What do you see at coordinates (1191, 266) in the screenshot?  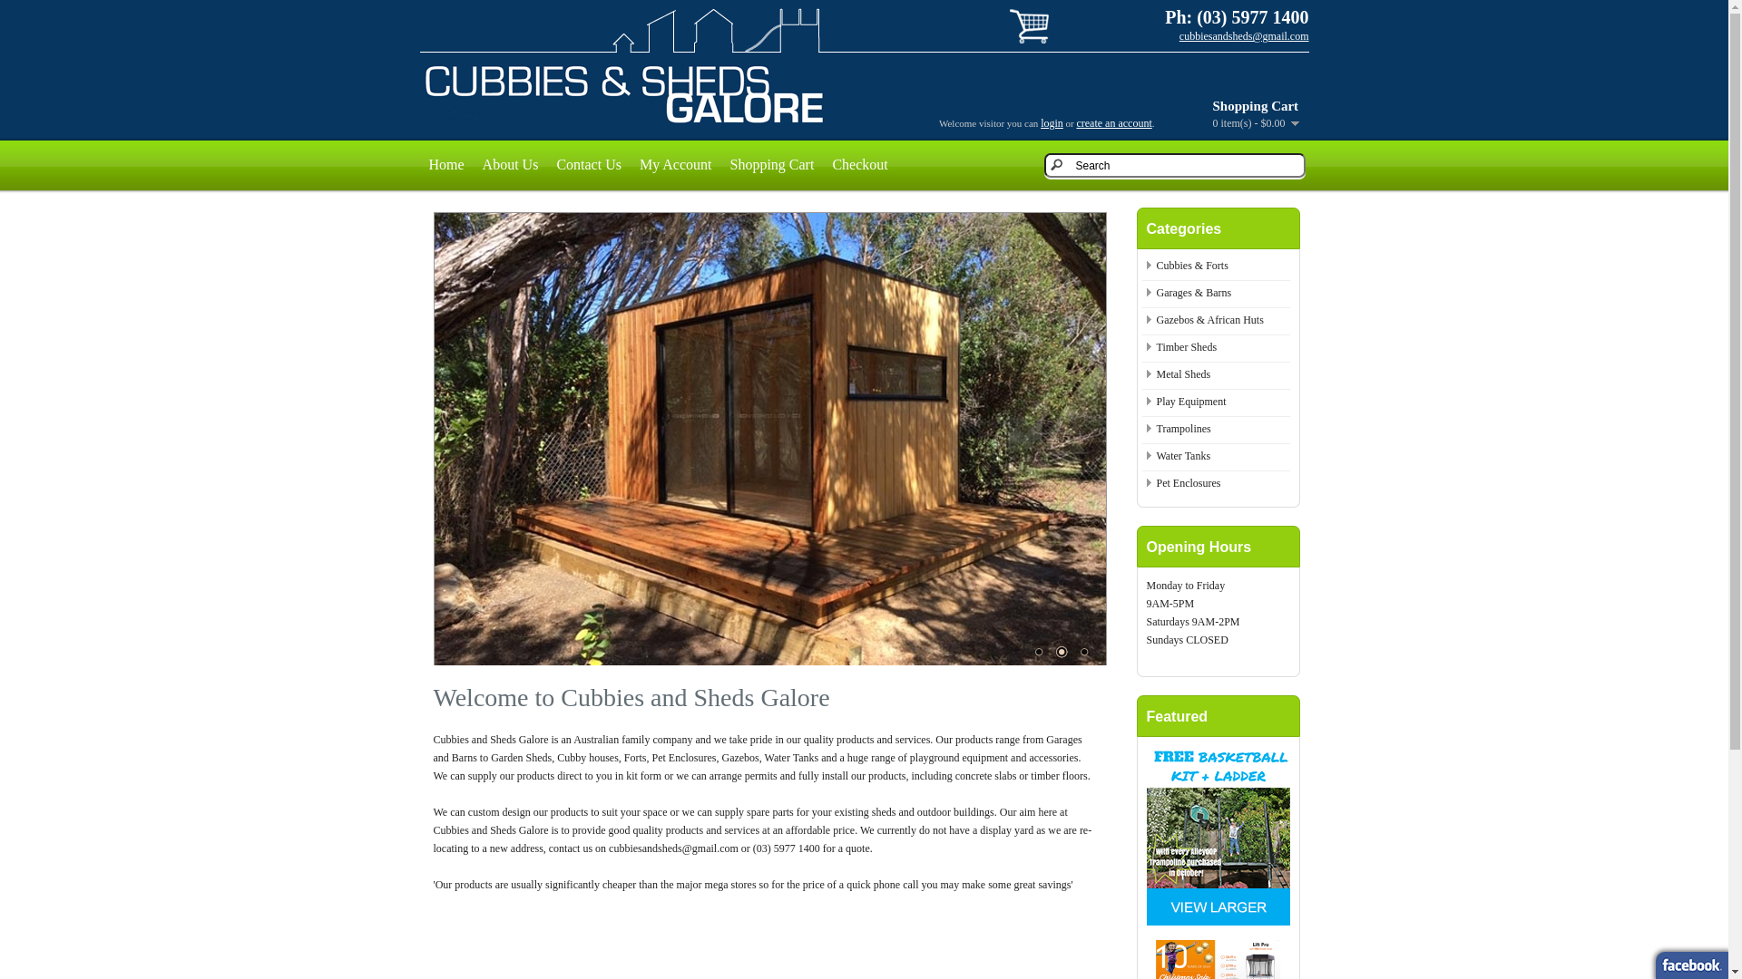 I see `'Cubbies & Forts'` at bounding box center [1191, 266].